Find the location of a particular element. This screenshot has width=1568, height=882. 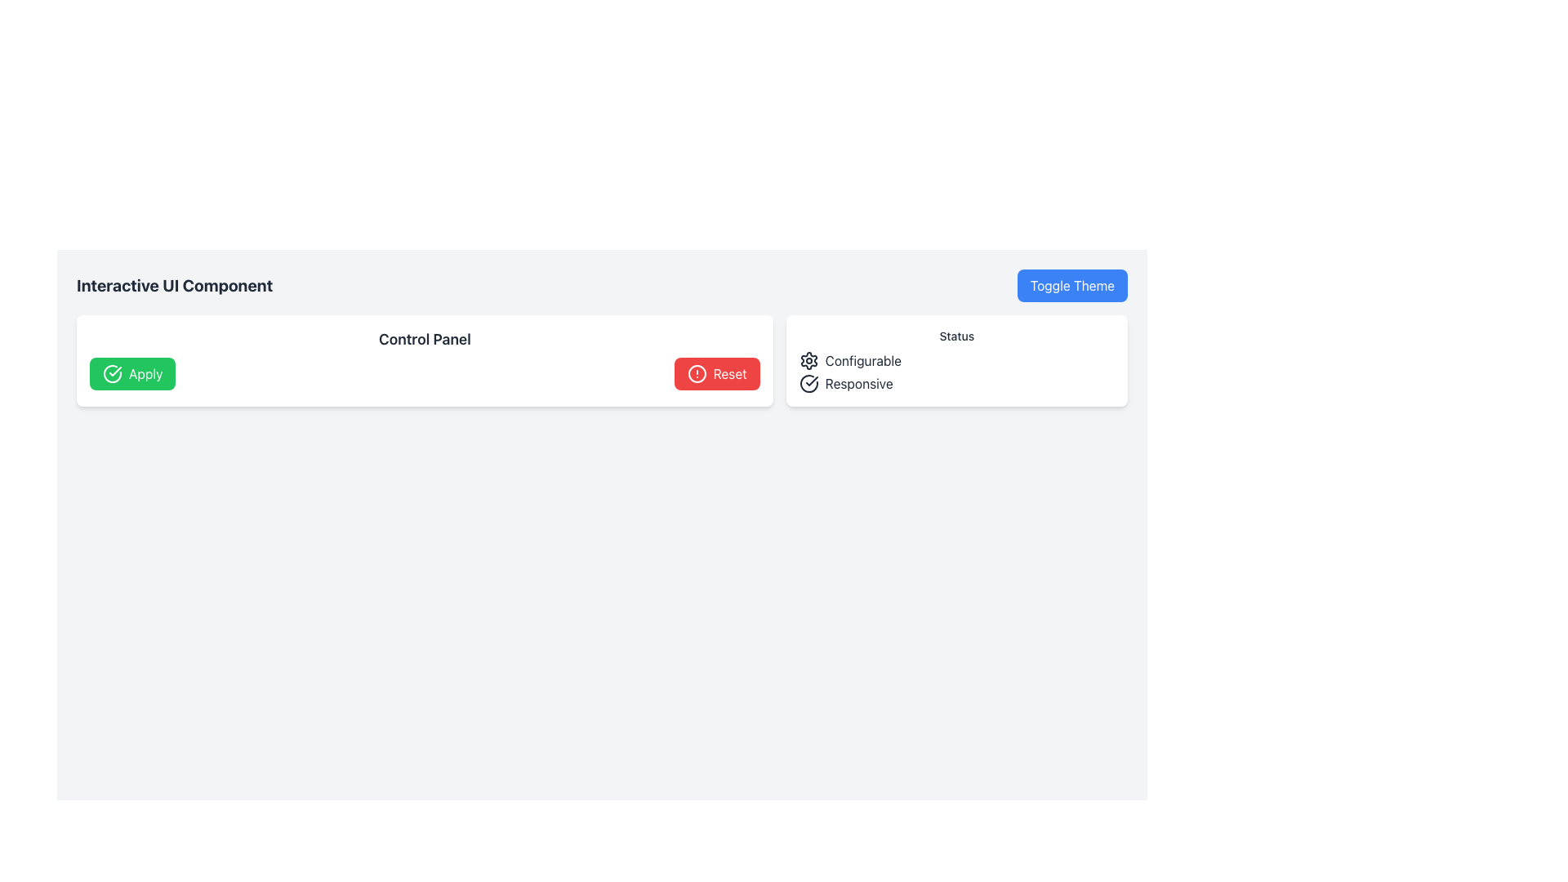

the circular icon with a check mark inside, which has a green outline and a white background, located to the left of the 'Apply' text in the green button is located at coordinates (112, 374).